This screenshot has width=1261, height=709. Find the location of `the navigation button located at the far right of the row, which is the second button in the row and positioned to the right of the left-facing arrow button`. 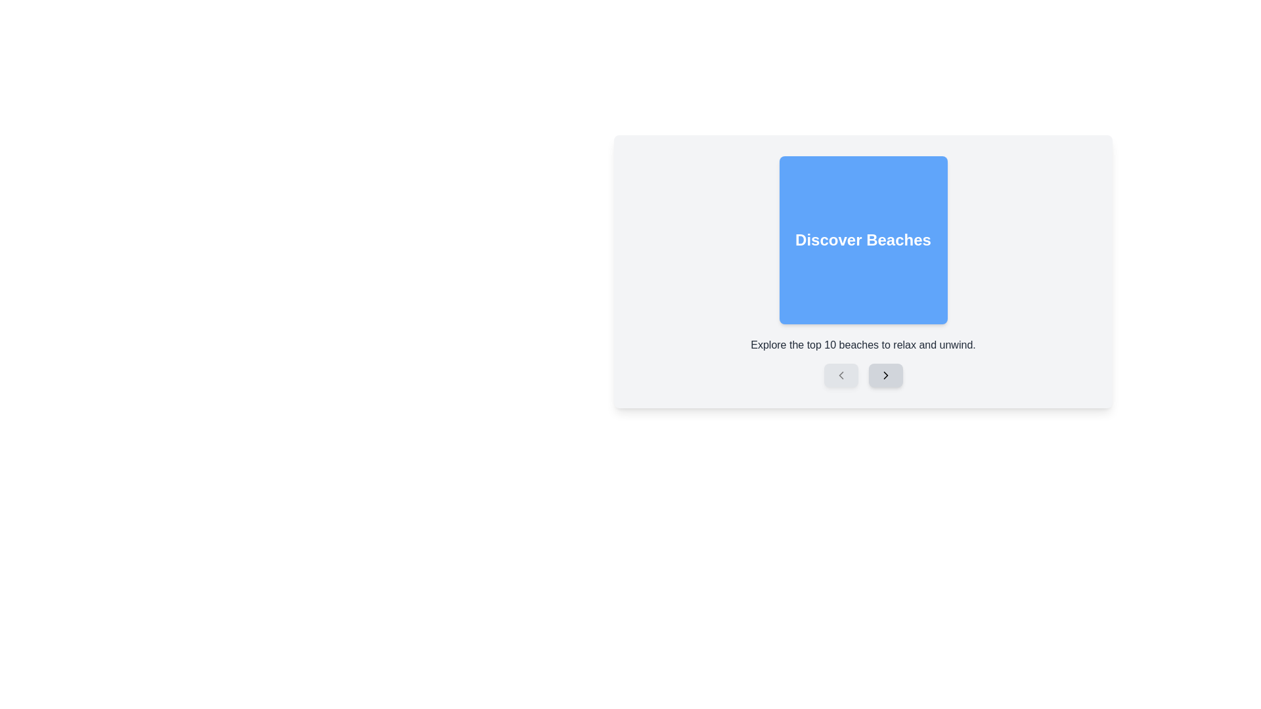

the navigation button located at the far right of the row, which is the second button in the row and positioned to the right of the left-facing arrow button is located at coordinates (885, 375).